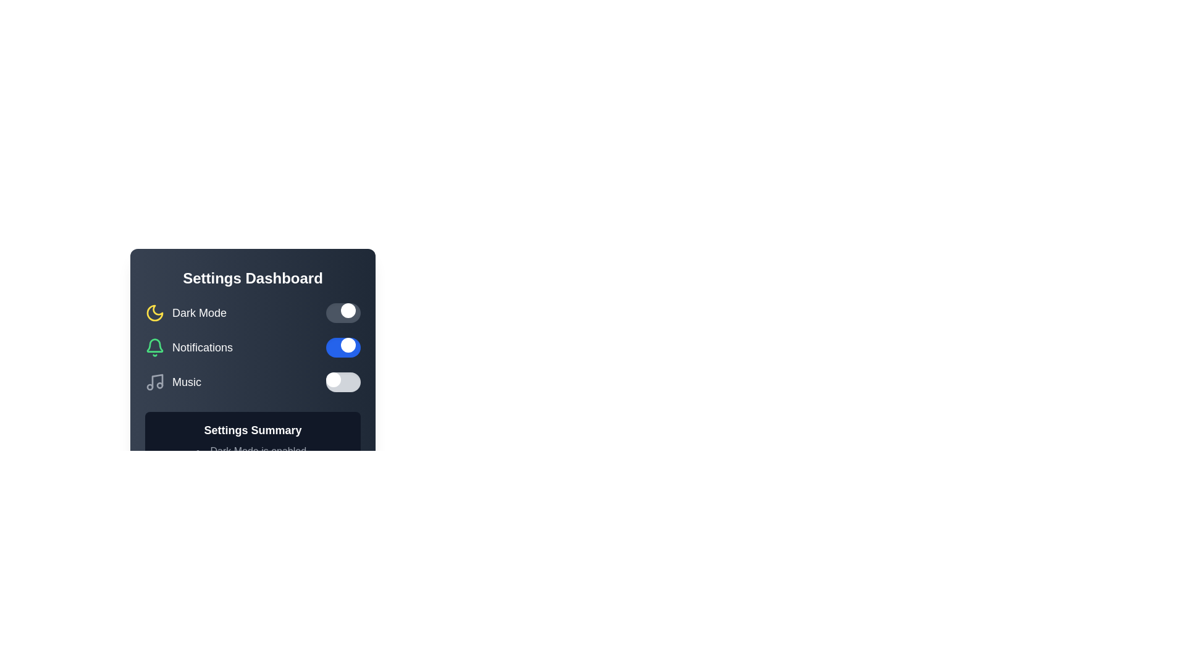 Image resolution: width=1186 pixels, height=667 pixels. What do you see at coordinates (252, 312) in the screenshot?
I see `the Toggle option row that enables or disables the dark mode feature in the Settings Dashboard` at bounding box center [252, 312].